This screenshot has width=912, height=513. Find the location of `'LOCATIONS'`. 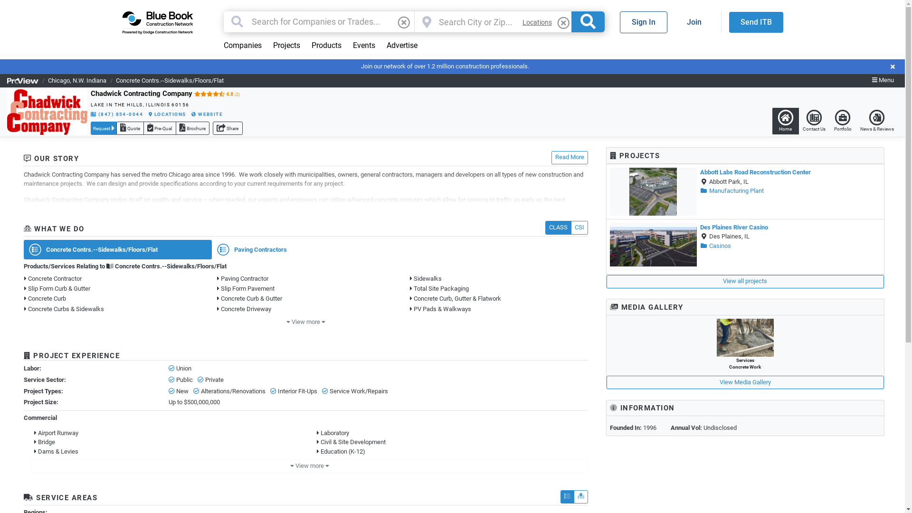

'LOCATIONS' is located at coordinates (148, 114).